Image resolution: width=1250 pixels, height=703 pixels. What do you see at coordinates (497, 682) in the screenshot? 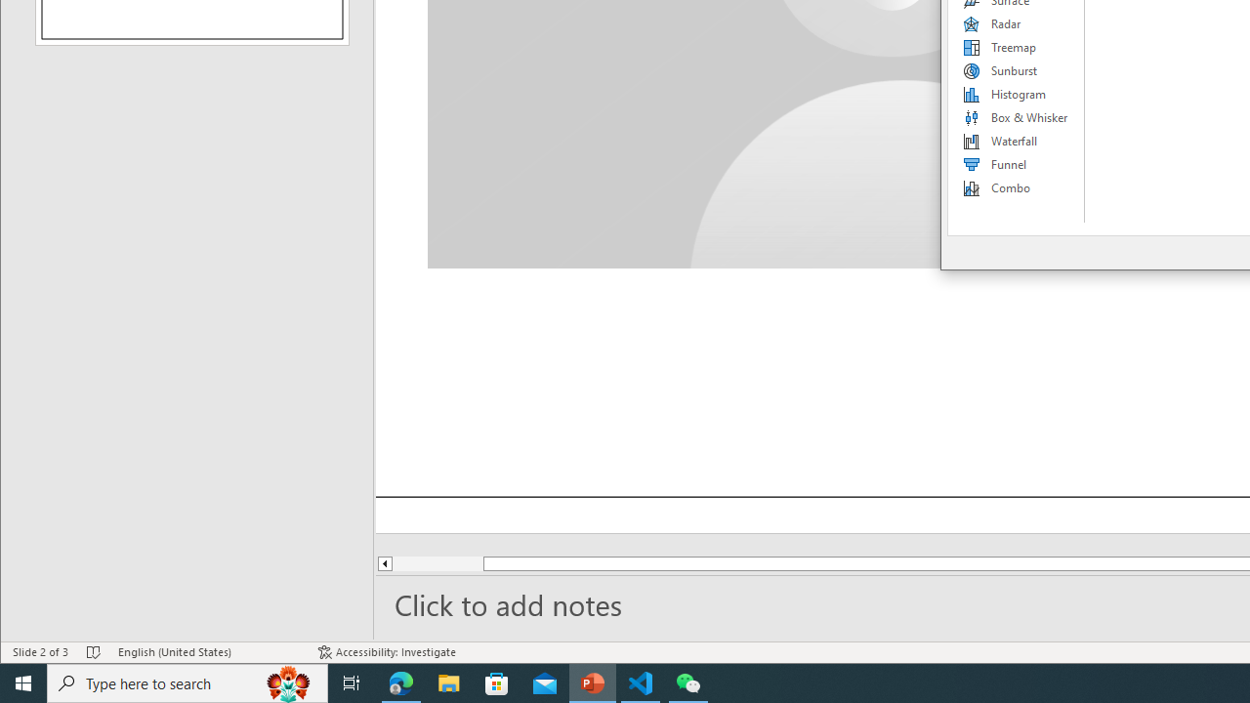
I see `'Microsoft Store'` at bounding box center [497, 682].